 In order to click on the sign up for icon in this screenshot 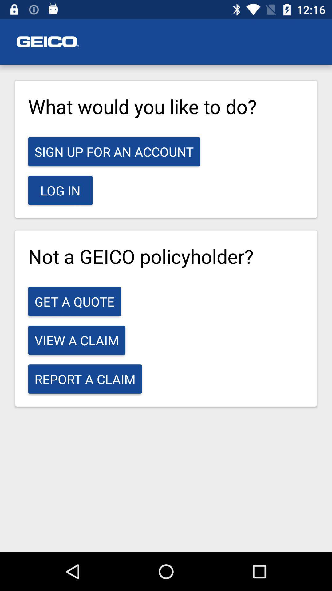, I will do `click(114, 151)`.